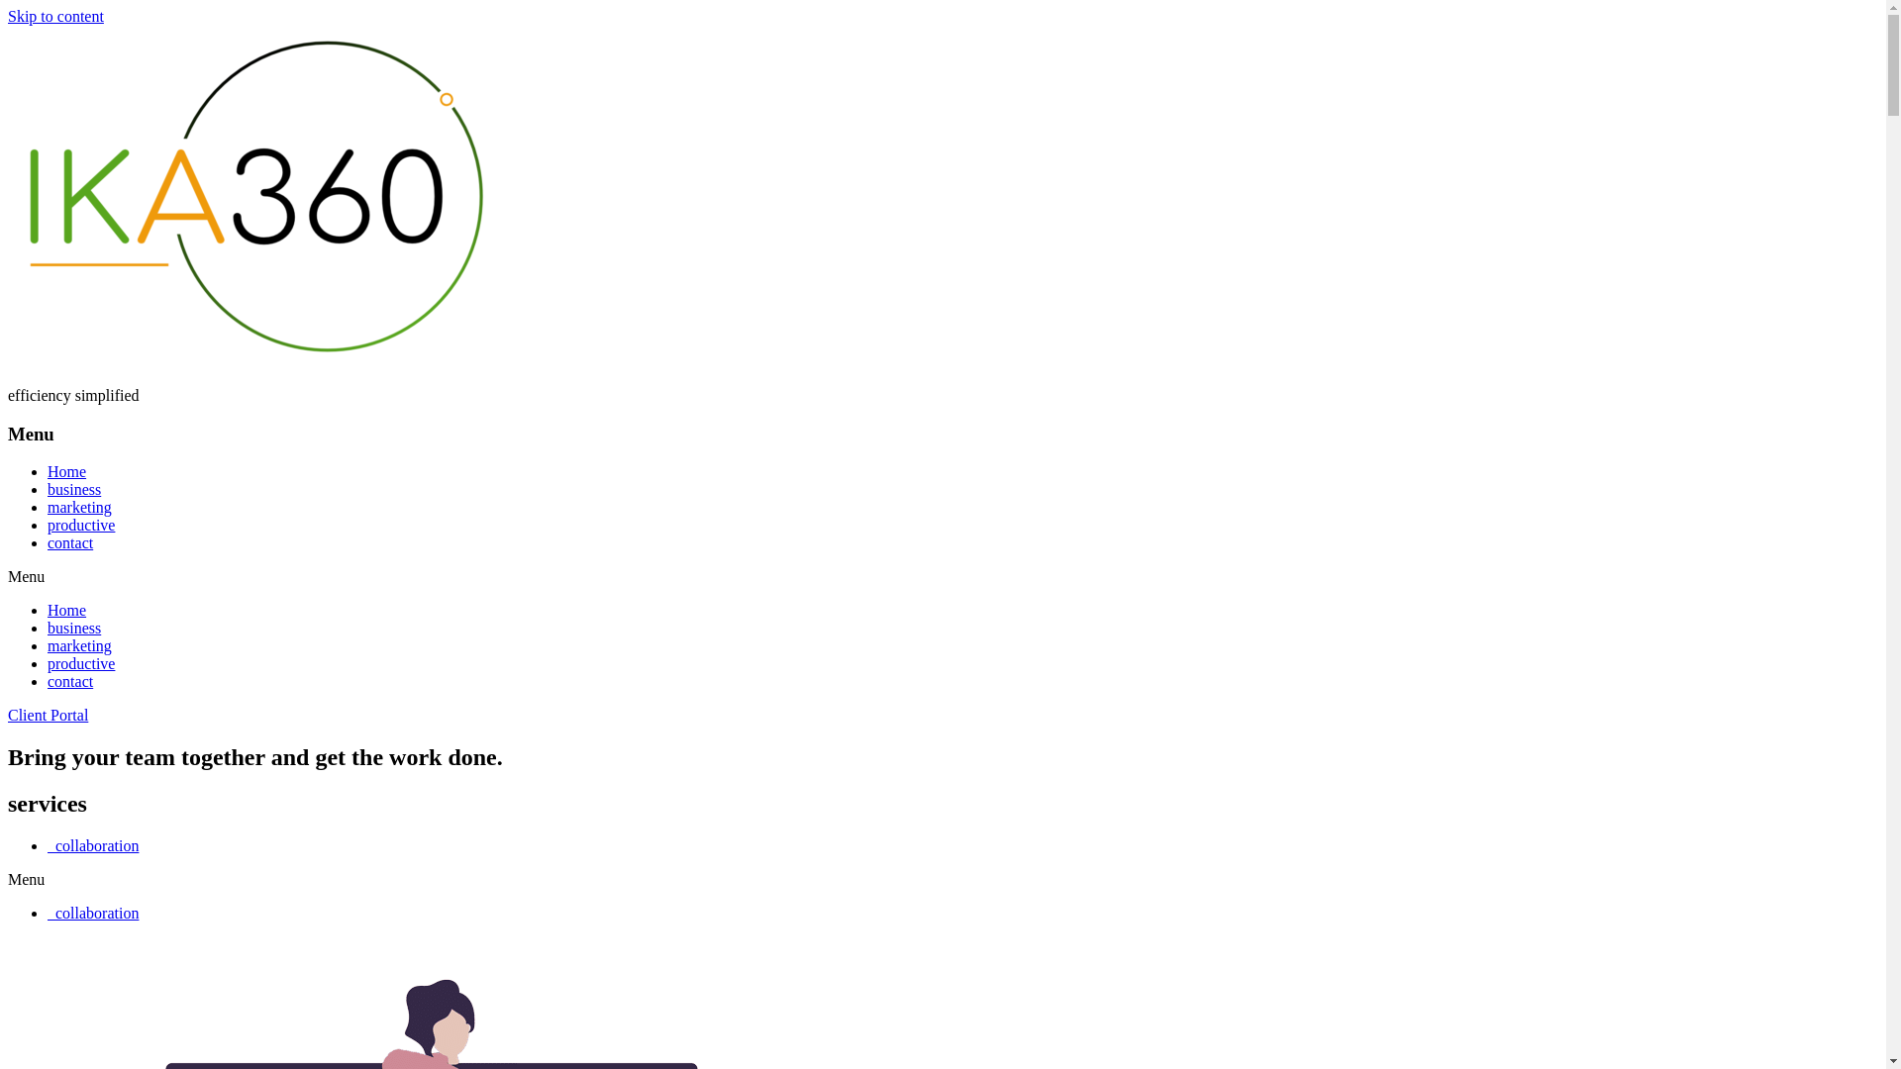  I want to click on 'Home', so click(66, 609).